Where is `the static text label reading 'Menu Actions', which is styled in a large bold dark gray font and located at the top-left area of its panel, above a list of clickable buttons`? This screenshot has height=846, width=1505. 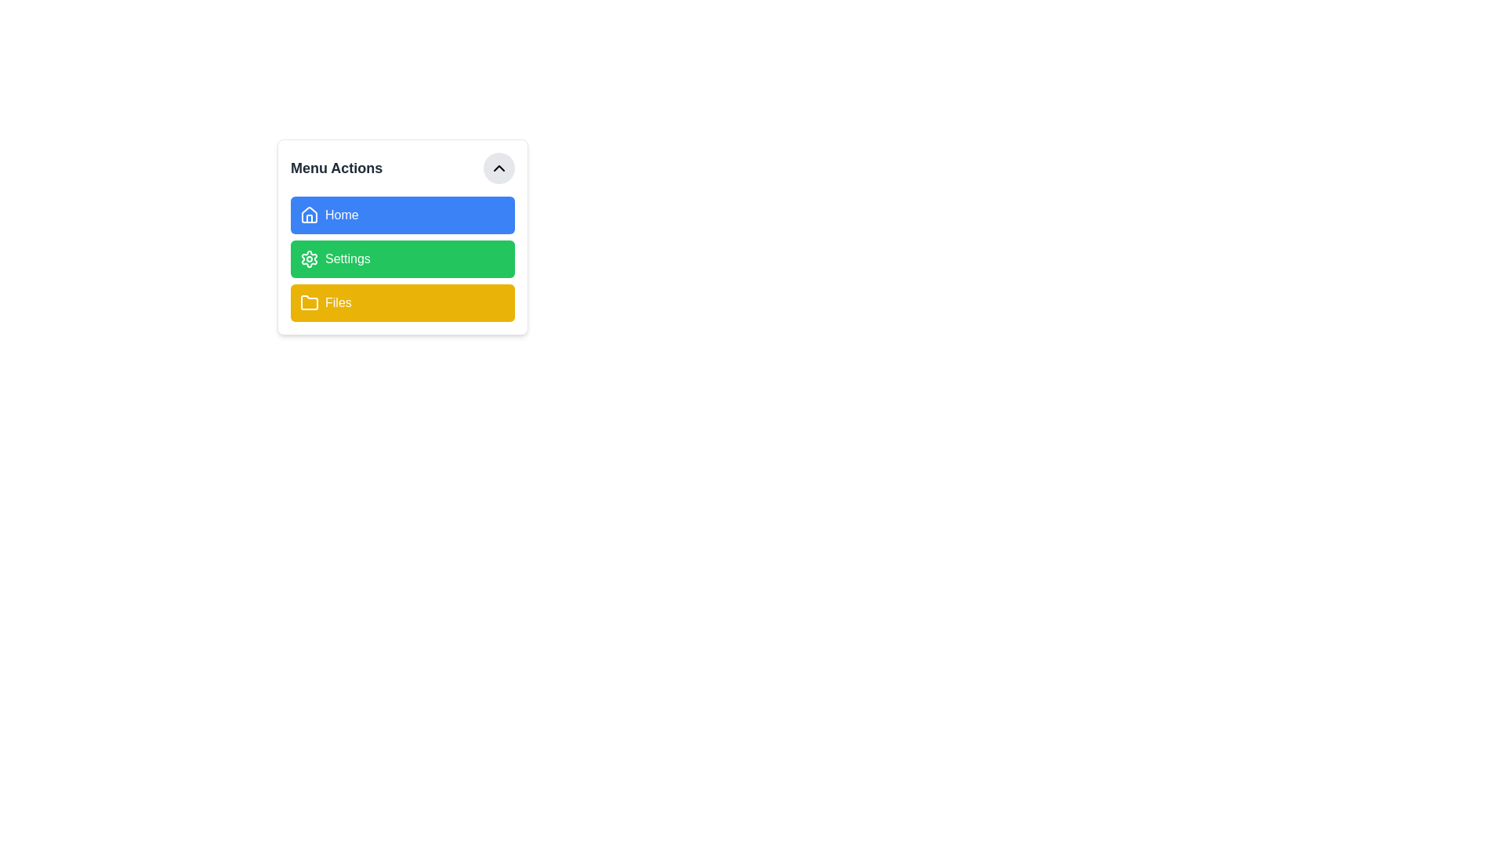
the static text label reading 'Menu Actions', which is styled in a large bold dark gray font and located at the top-left area of its panel, above a list of clickable buttons is located at coordinates (335, 168).